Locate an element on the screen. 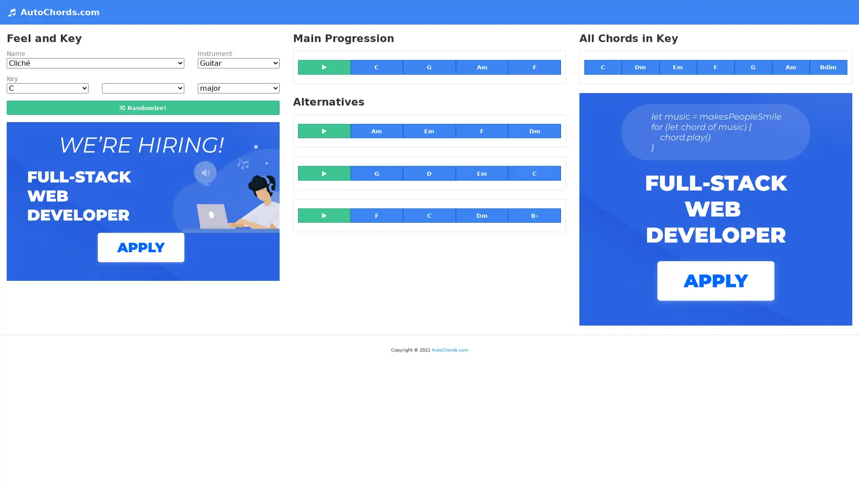 This screenshot has height=483, width=859. F is located at coordinates (534, 67).